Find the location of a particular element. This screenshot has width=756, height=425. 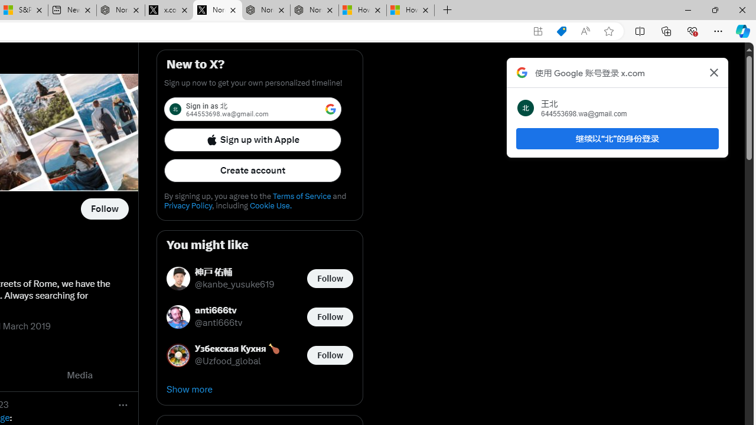

'Follow @NordaceOfficial' is located at coordinates (105, 208).